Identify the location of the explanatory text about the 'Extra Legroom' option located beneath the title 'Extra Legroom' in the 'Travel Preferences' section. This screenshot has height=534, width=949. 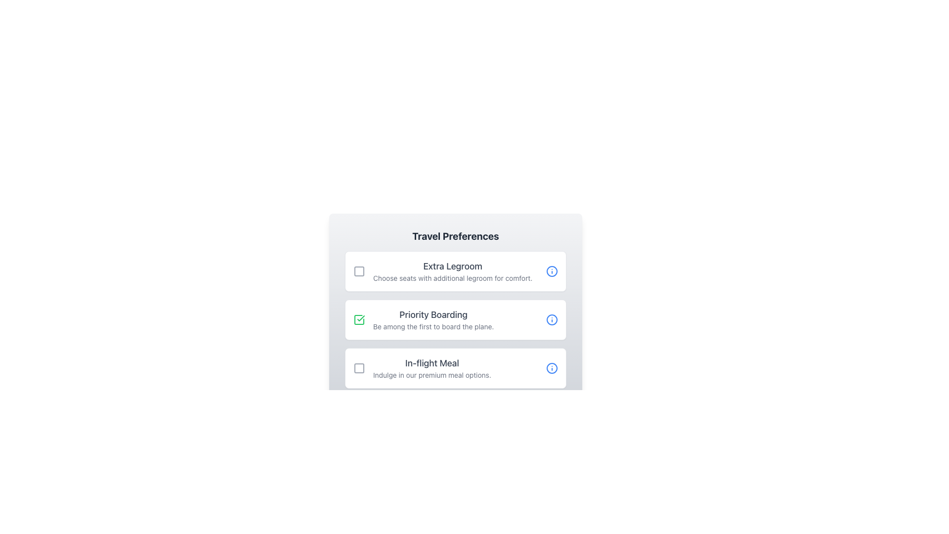
(452, 278).